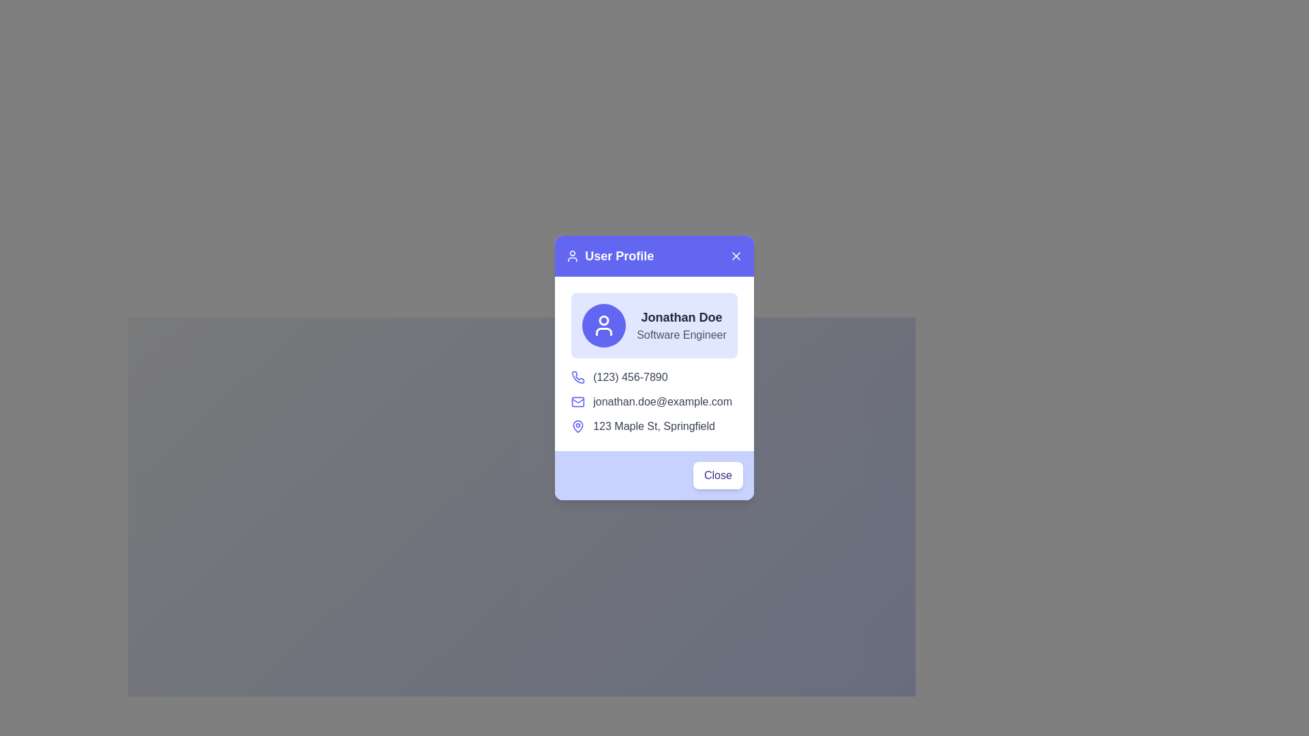 Image resolution: width=1309 pixels, height=736 pixels. What do you see at coordinates (681, 318) in the screenshot?
I see `the text label styled as a title displaying 'Jonathan Doe' within the 'User Profile' modal dialog` at bounding box center [681, 318].